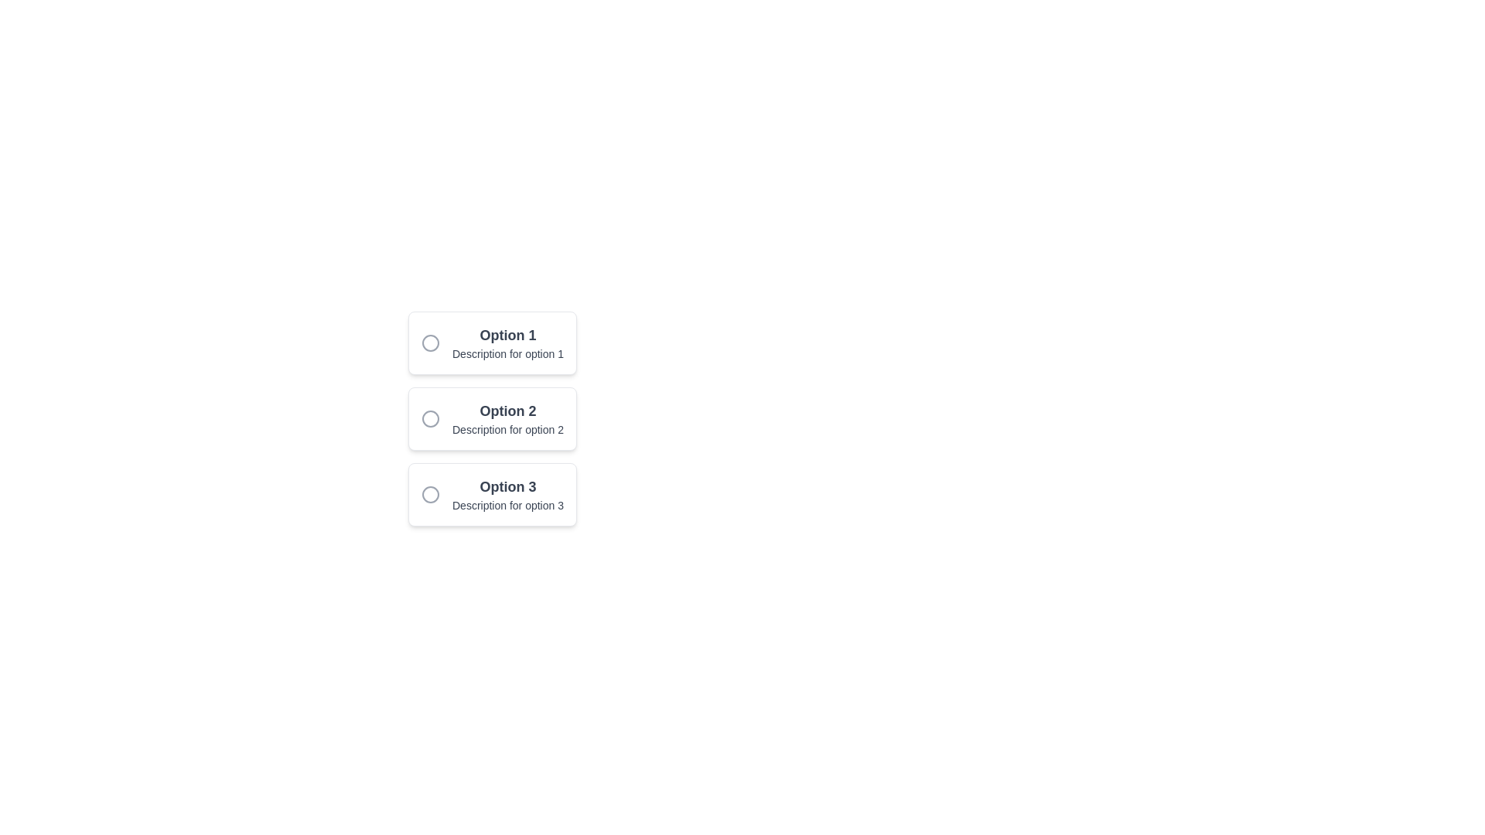 This screenshot has width=1485, height=835. What do you see at coordinates (430, 495) in the screenshot?
I see `the unselected radio button indicator for 'Option 3', which is the third radio button in a vertical list of options` at bounding box center [430, 495].